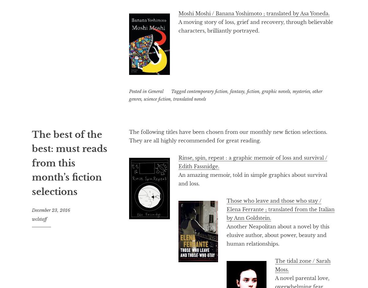  What do you see at coordinates (190, 99) in the screenshot?
I see `'translated novels'` at bounding box center [190, 99].